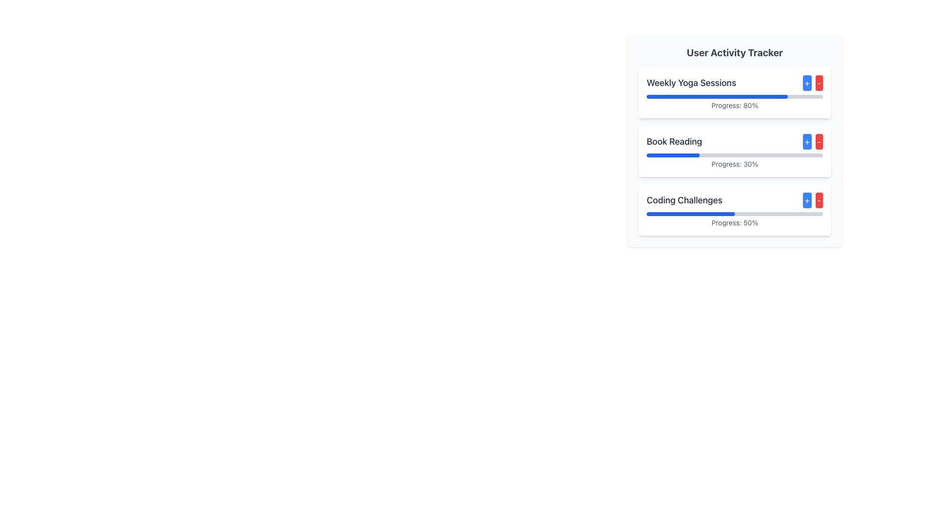  I want to click on the progress bar segment indicating 50% completion of the 'Coding Challenges' task within the user activity tracker, so click(690, 214).